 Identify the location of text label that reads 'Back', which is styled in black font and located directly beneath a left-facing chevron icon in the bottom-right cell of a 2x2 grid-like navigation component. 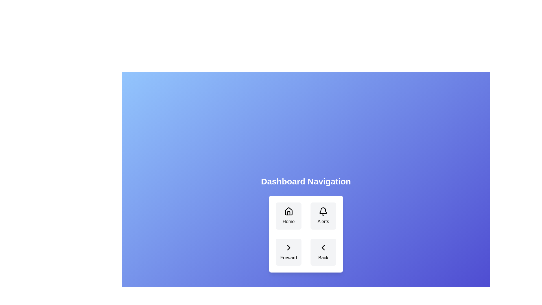
(323, 258).